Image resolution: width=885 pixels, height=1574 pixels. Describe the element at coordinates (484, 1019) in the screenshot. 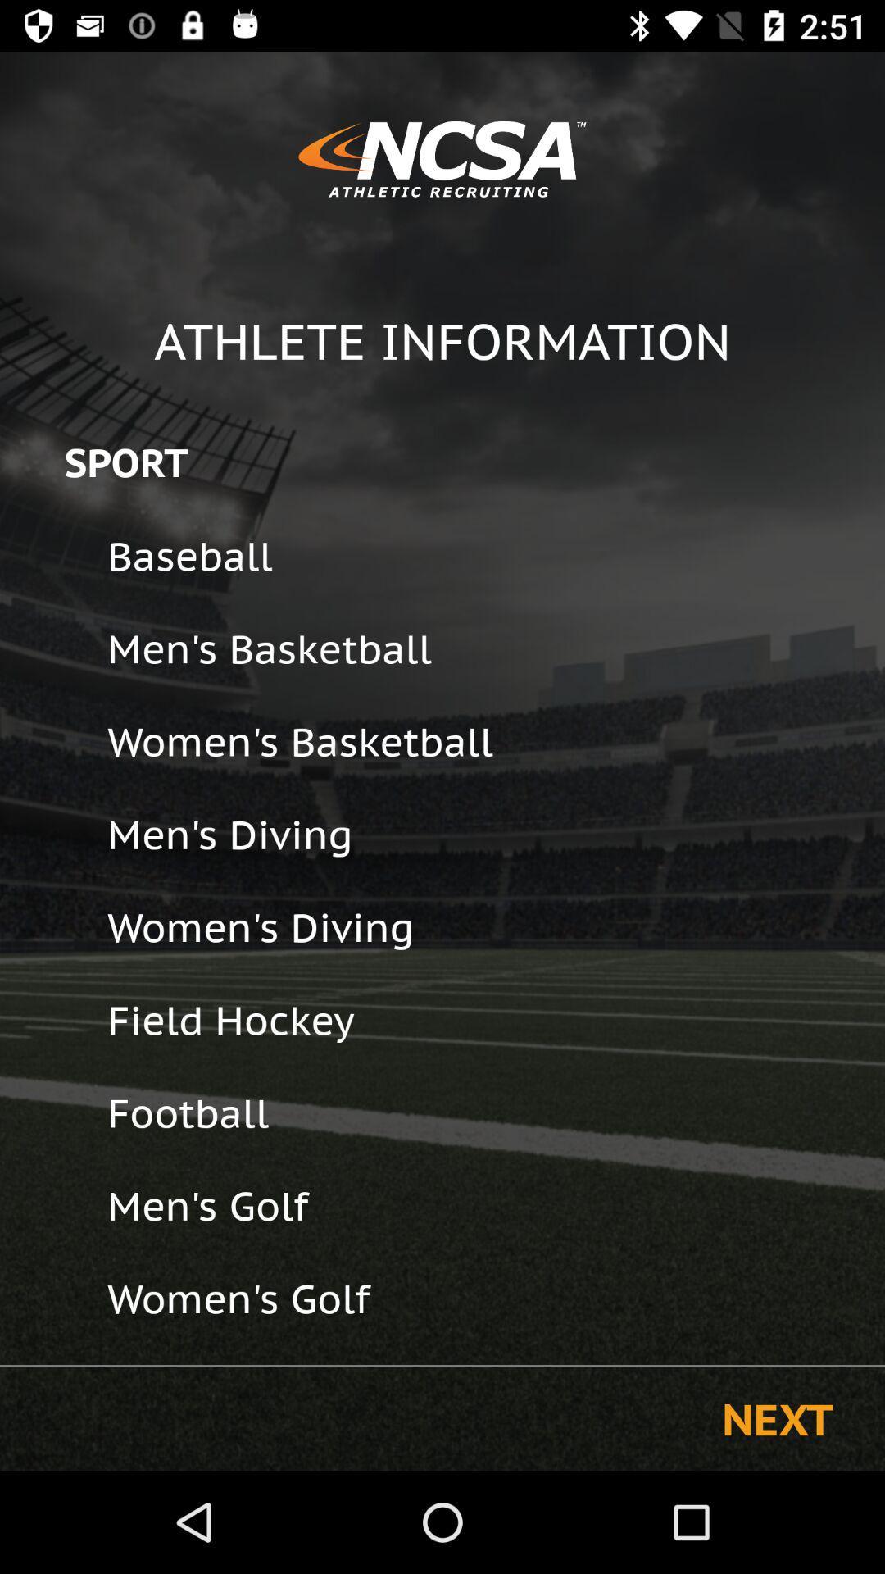

I see `the item below women's diving icon` at that location.